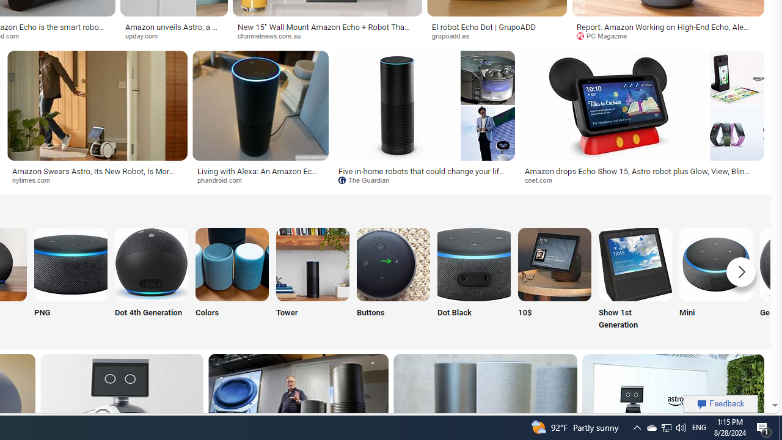  What do you see at coordinates (224, 180) in the screenshot?
I see `'phandroid.com'` at bounding box center [224, 180].